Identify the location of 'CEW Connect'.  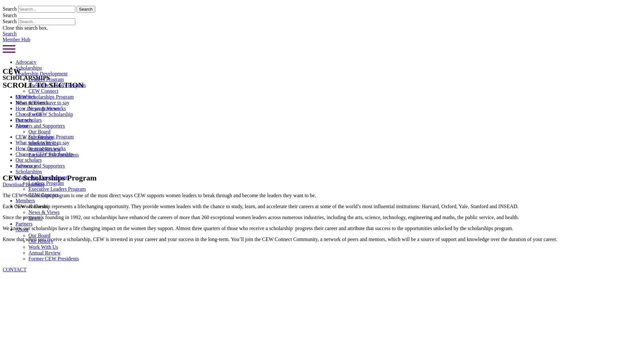
(43, 194).